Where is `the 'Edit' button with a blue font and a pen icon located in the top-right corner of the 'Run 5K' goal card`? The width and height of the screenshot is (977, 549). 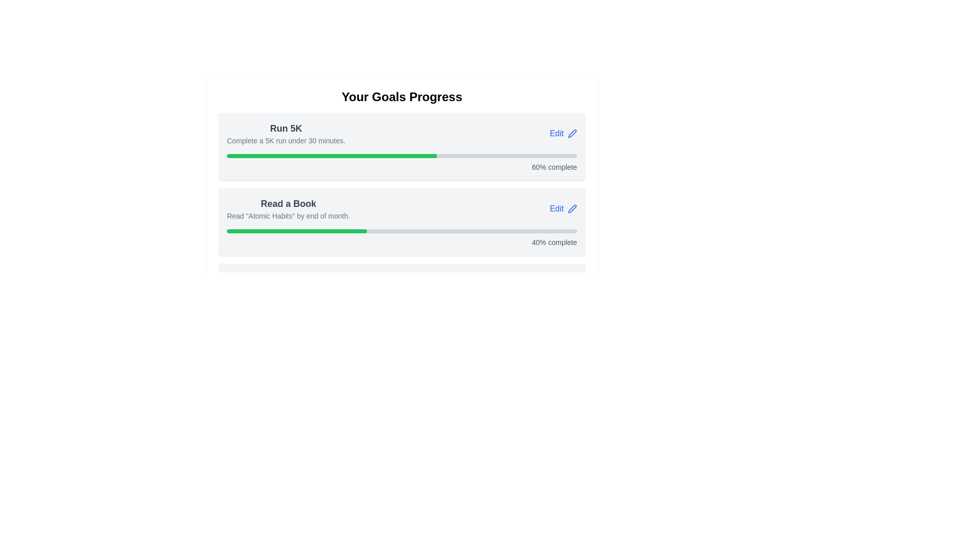 the 'Edit' button with a blue font and a pen icon located in the top-right corner of the 'Run 5K' goal card is located at coordinates (563, 133).